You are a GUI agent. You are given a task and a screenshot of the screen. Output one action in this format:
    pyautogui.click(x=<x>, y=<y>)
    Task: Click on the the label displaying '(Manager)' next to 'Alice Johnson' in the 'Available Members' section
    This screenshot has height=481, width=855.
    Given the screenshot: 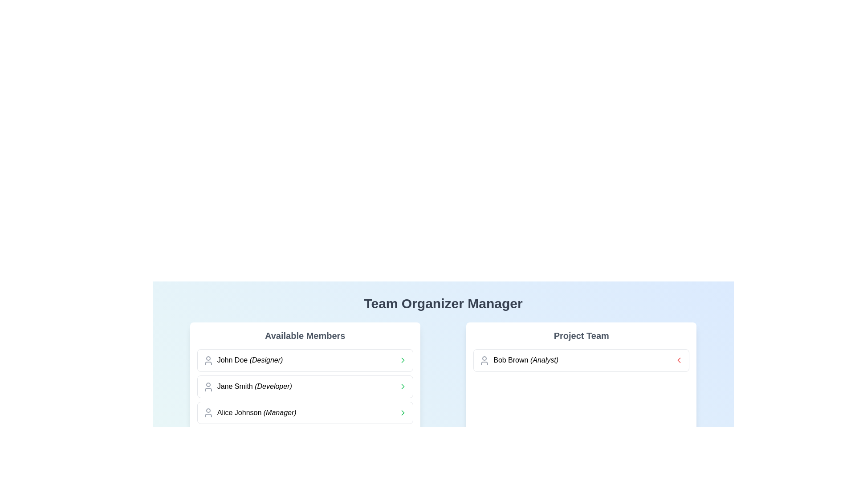 What is the action you would take?
    pyautogui.click(x=279, y=412)
    